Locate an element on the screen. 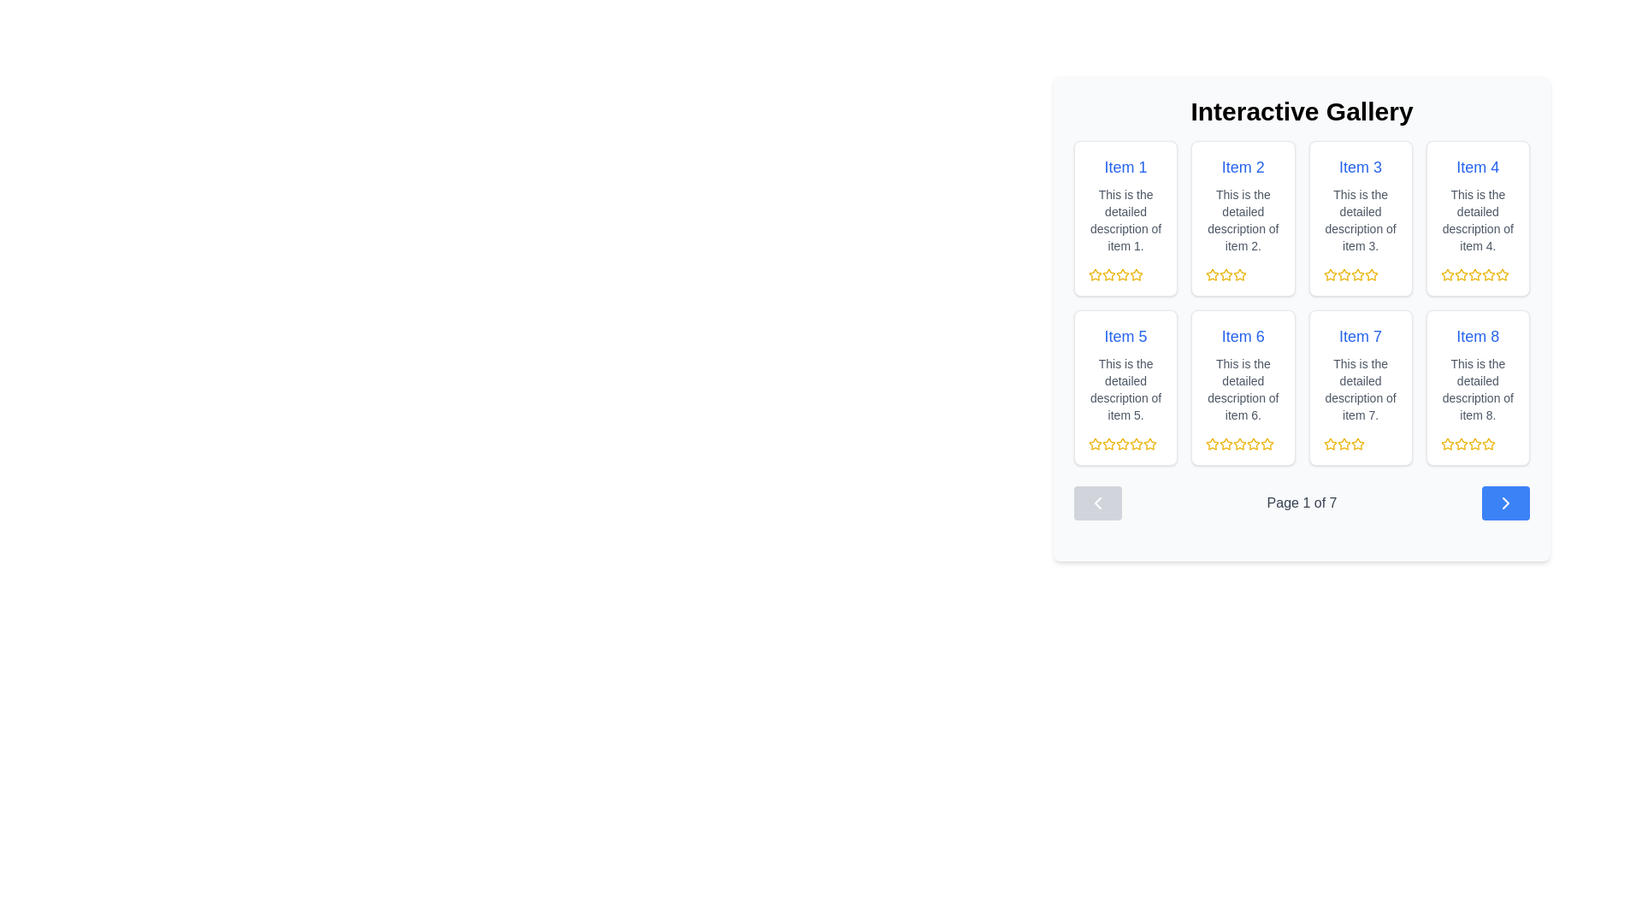 The width and height of the screenshot is (1642, 923). the fourth star icon in the rating system located in the bottom right card of the interactive gallery grid to rate it is located at coordinates (1474, 444).